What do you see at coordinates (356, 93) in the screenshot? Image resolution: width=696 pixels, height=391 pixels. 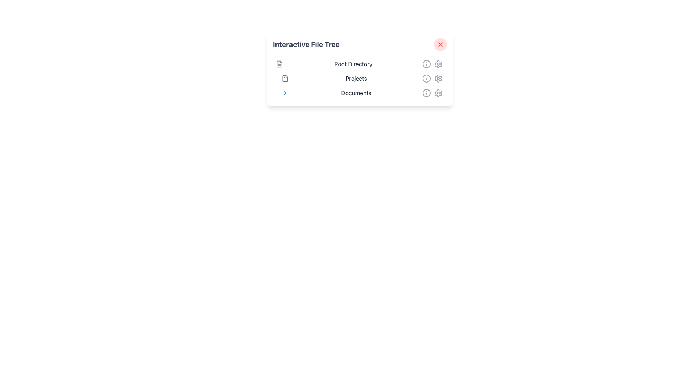 I see `the 'Documents' text label in the file tree interface, which is styled in dark gray and is the third entry in the list of directory items` at bounding box center [356, 93].